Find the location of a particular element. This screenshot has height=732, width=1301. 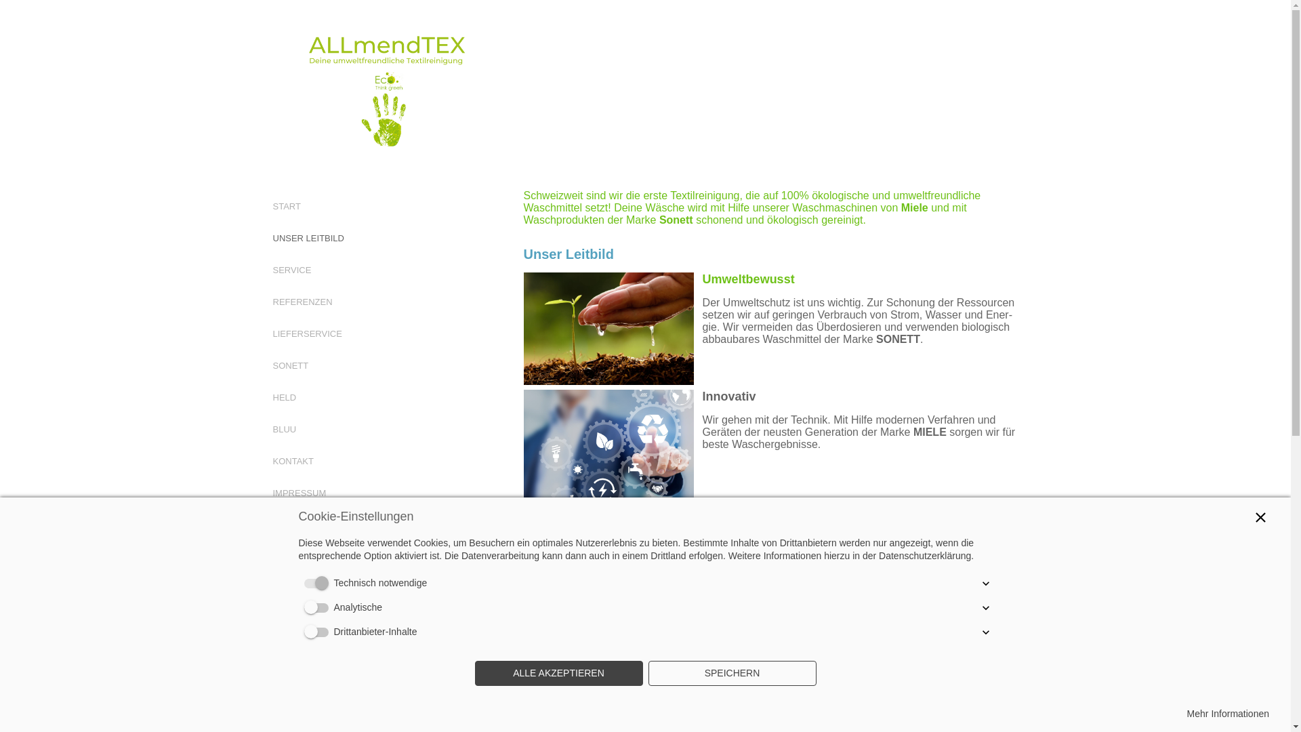

'REFERENZEN' is located at coordinates (272, 301).